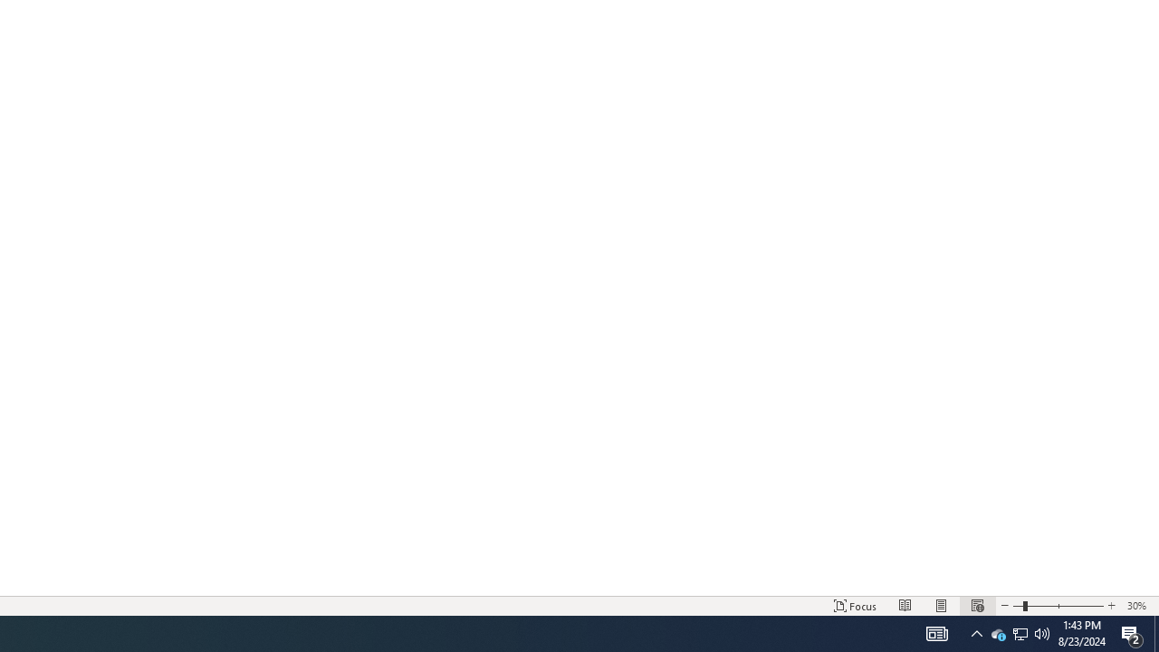 Image resolution: width=1159 pixels, height=652 pixels. What do you see at coordinates (1058, 606) in the screenshot?
I see `'Zoom'` at bounding box center [1058, 606].